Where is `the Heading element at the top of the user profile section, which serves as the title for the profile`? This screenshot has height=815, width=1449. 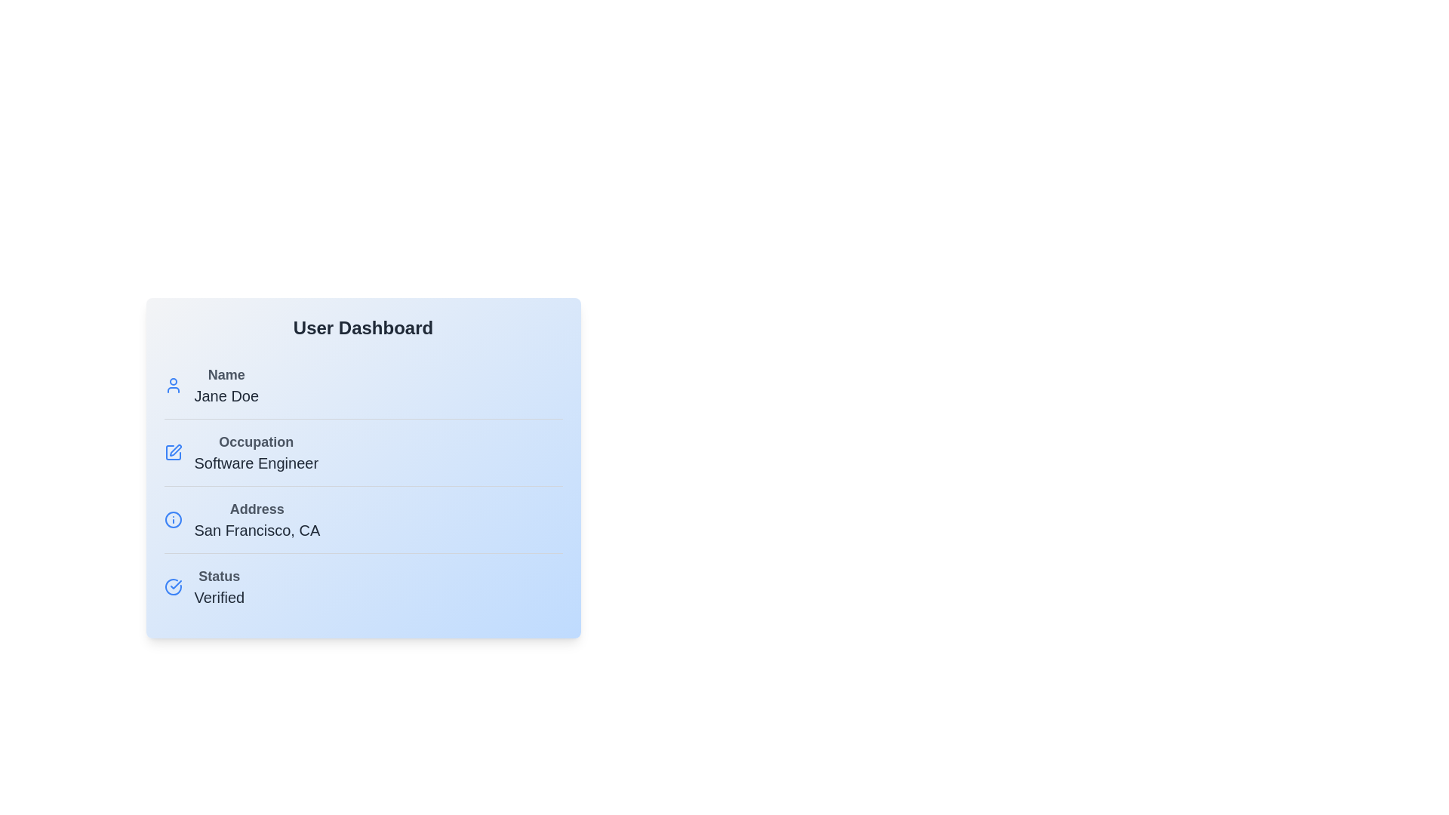
the Heading element at the top of the user profile section, which serves as the title for the profile is located at coordinates (363, 328).